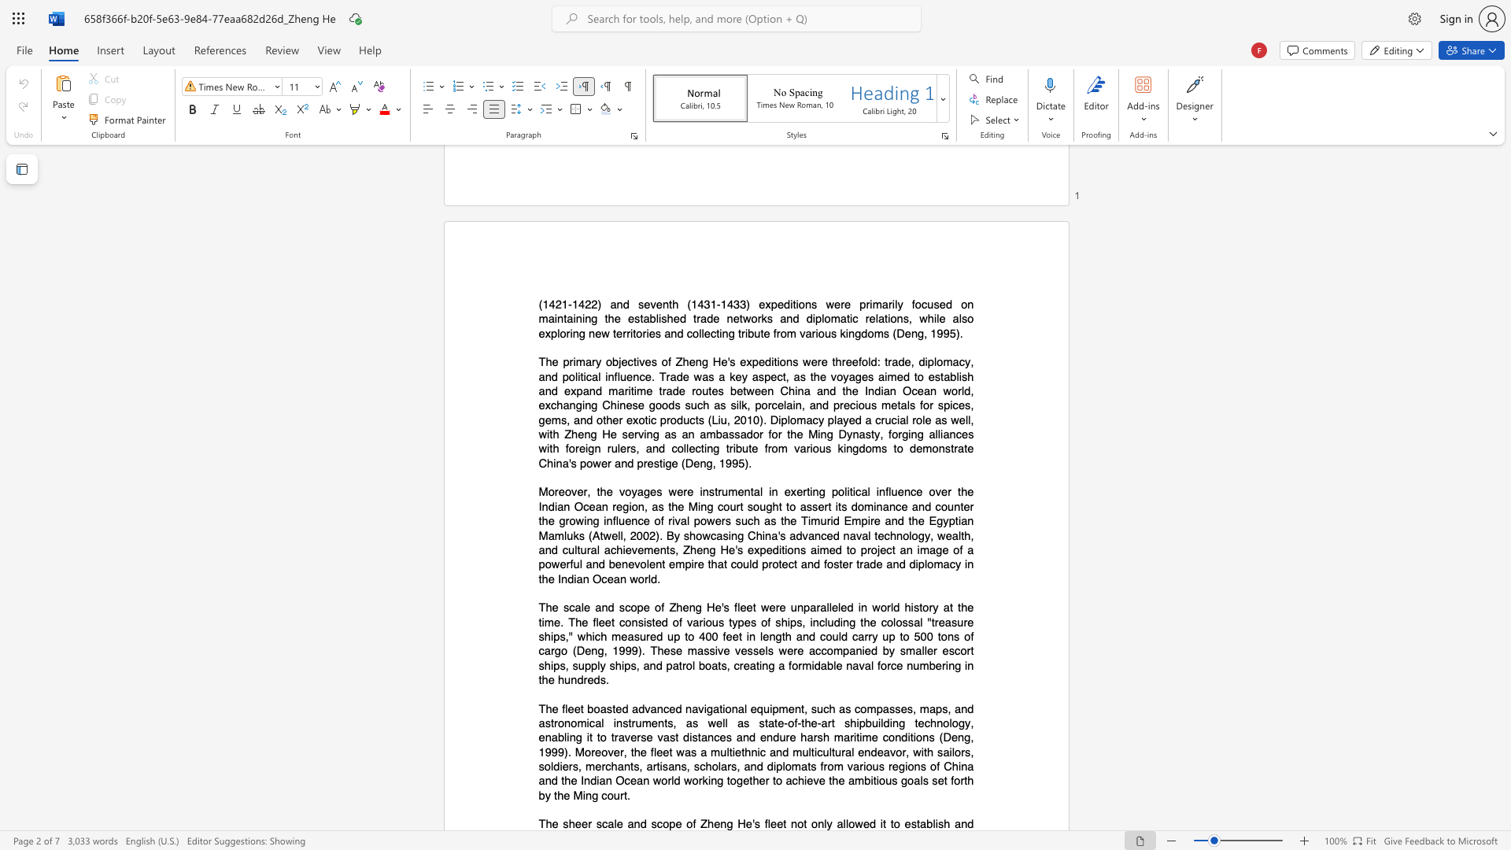 The width and height of the screenshot is (1511, 850). I want to click on the space between the continuous character "o" and "f" in the text, so click(692, 823).